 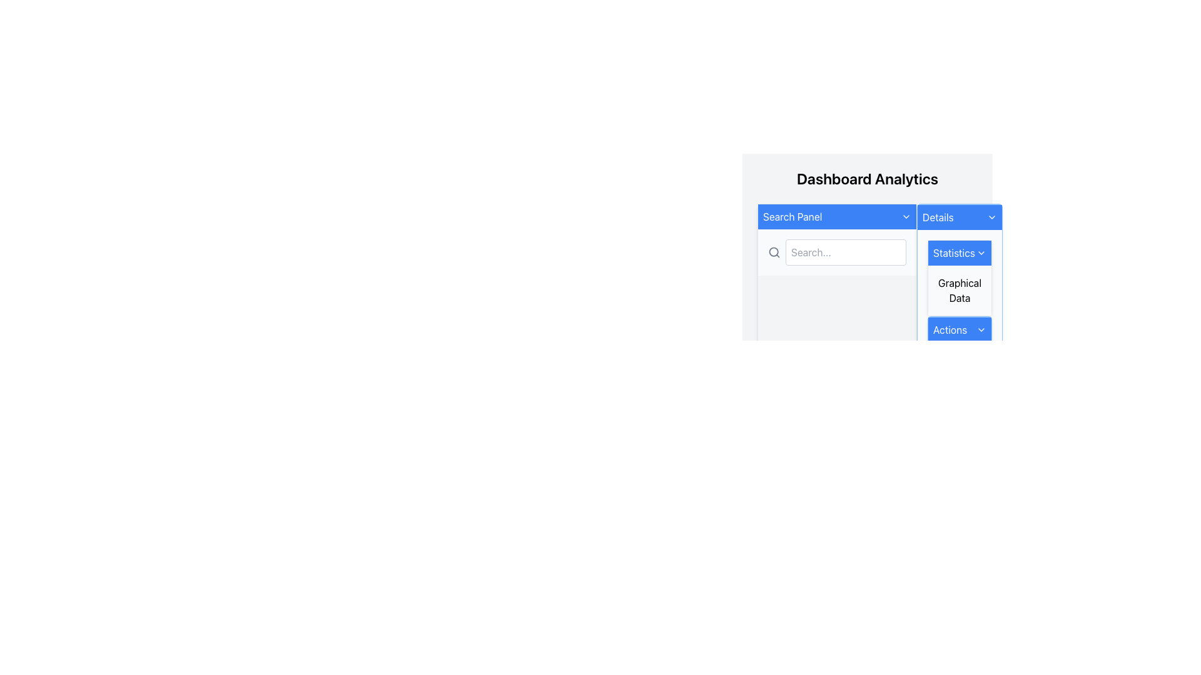 What do you see at coordinates (792, 216) in the screenshot?
I see `the 'Search Panel' text label, which is styled in white text on a blue background and located on the left side of the panel header` at bounding box center [792, 216].